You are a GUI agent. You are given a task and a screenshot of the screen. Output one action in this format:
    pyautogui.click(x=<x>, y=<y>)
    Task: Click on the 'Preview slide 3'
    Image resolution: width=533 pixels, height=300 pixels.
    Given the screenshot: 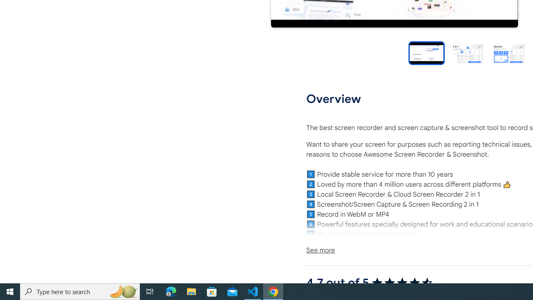 What is the action you would take?
    pyautogui.click(x=508, y=52)
    